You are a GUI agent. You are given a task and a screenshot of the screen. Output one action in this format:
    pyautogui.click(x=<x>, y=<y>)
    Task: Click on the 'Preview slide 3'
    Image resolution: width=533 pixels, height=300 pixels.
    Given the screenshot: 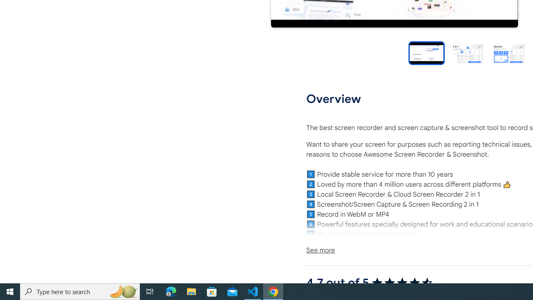 What is the action you would take?
    pyautogui.click(x=508, y=52)
    